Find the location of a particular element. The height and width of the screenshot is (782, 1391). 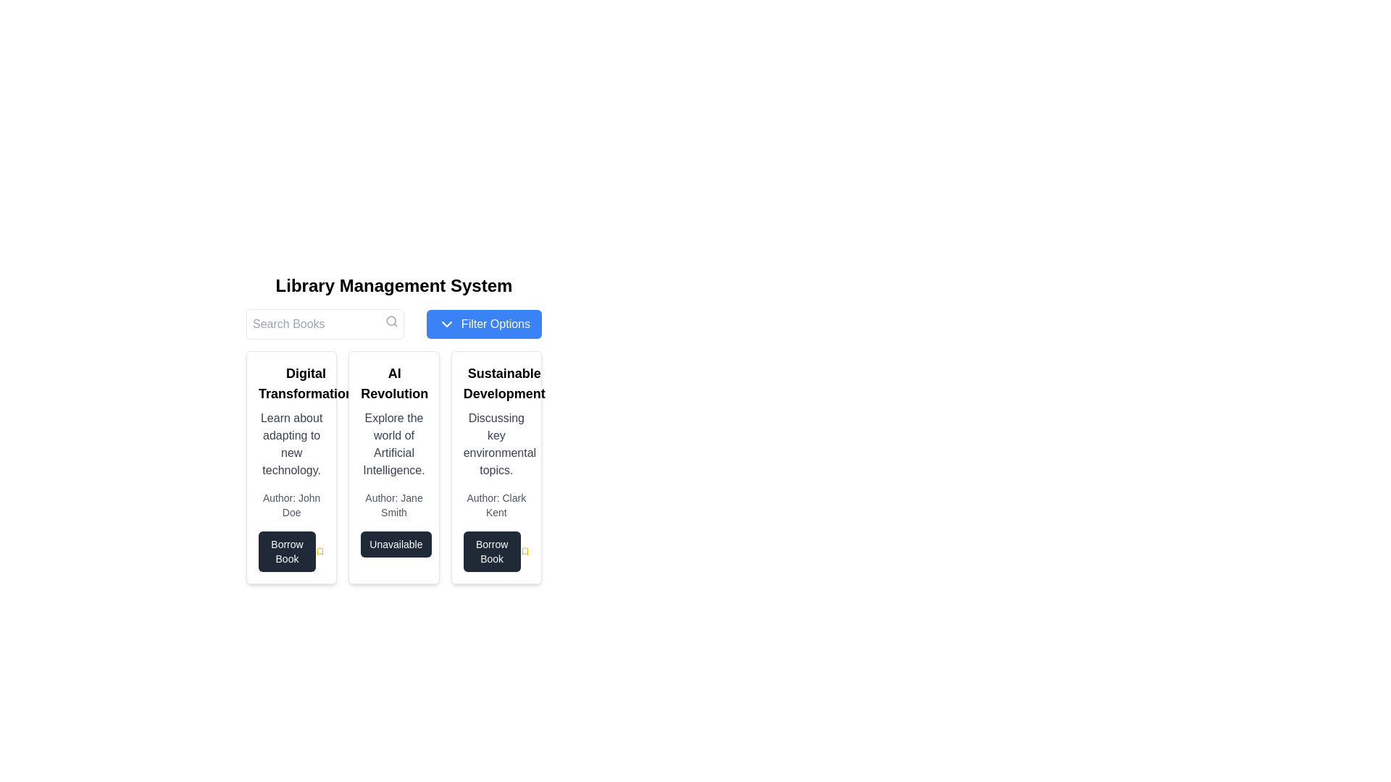

the text label displaying 'Sustainable Development' in bold that is centrally aligned within its bounding area, located in the rightmost column of three cards is located at coordinates (504, 382).